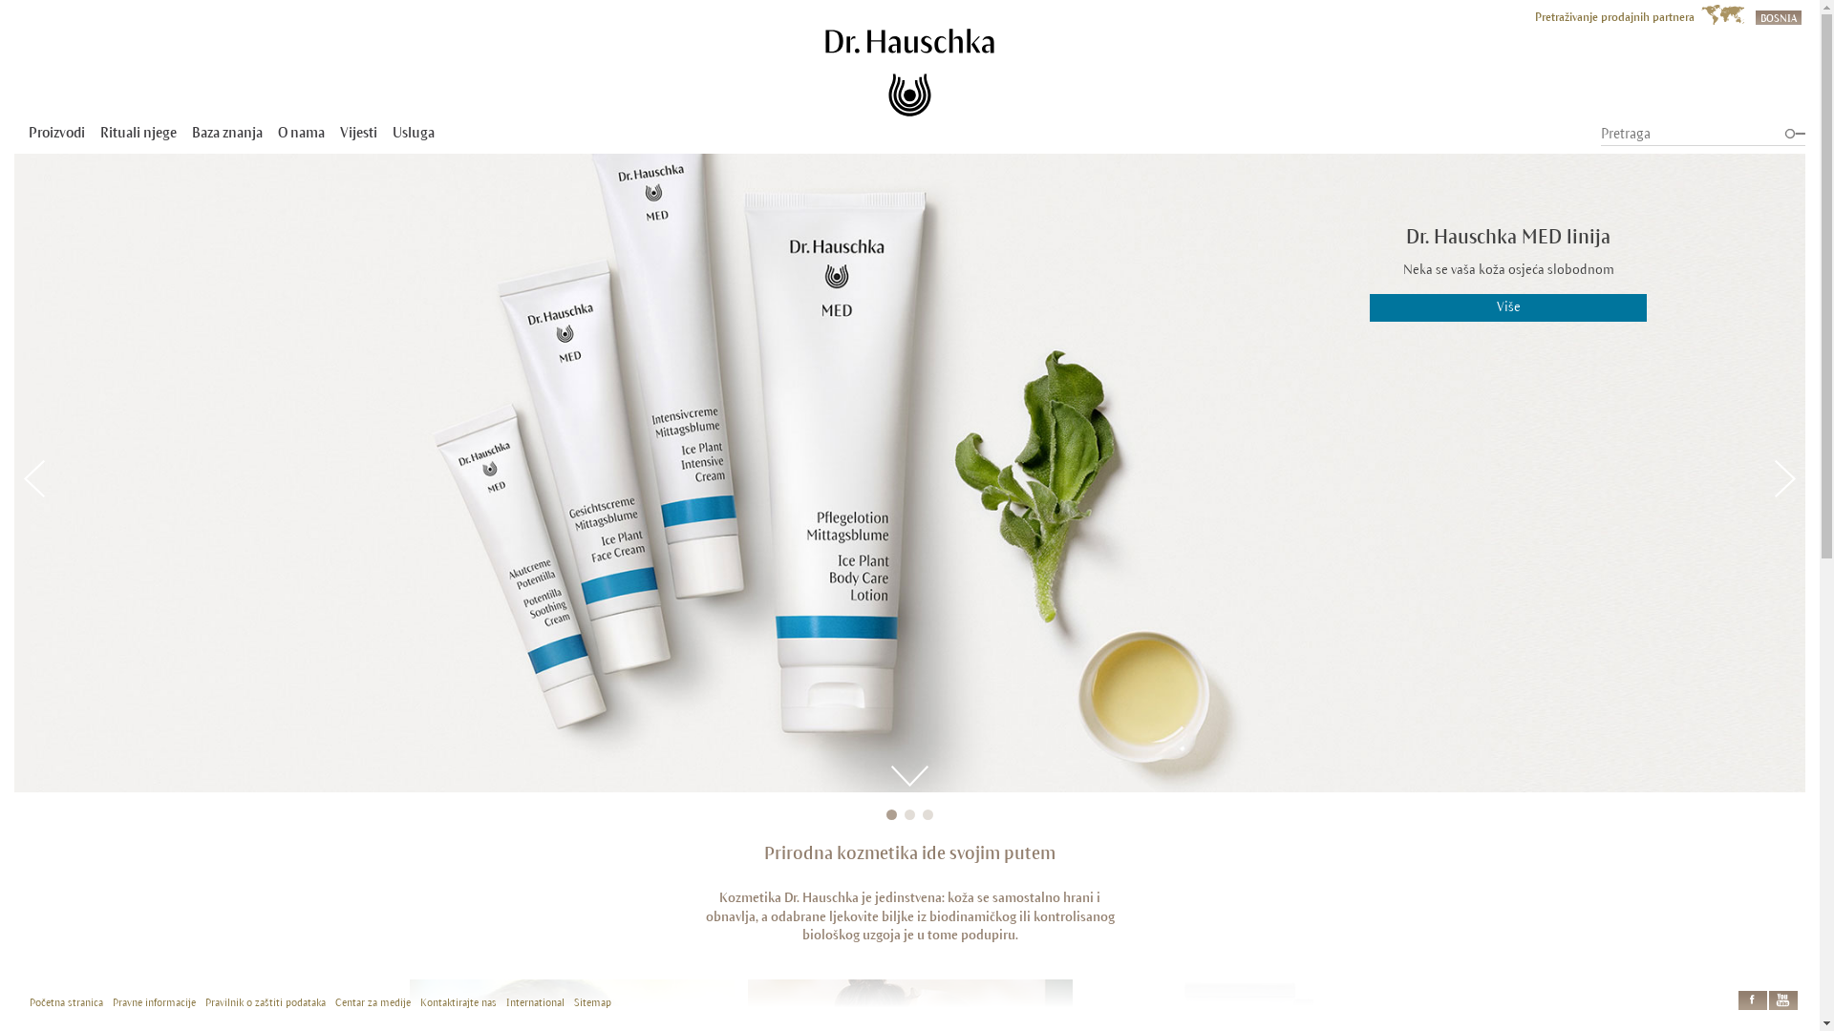 The height and width of the screenshot is (1031, 1834). What do you see at coordinates (1783, 477) in the screenshot?
I see `'Next'` at bounding box center [1783, 477].